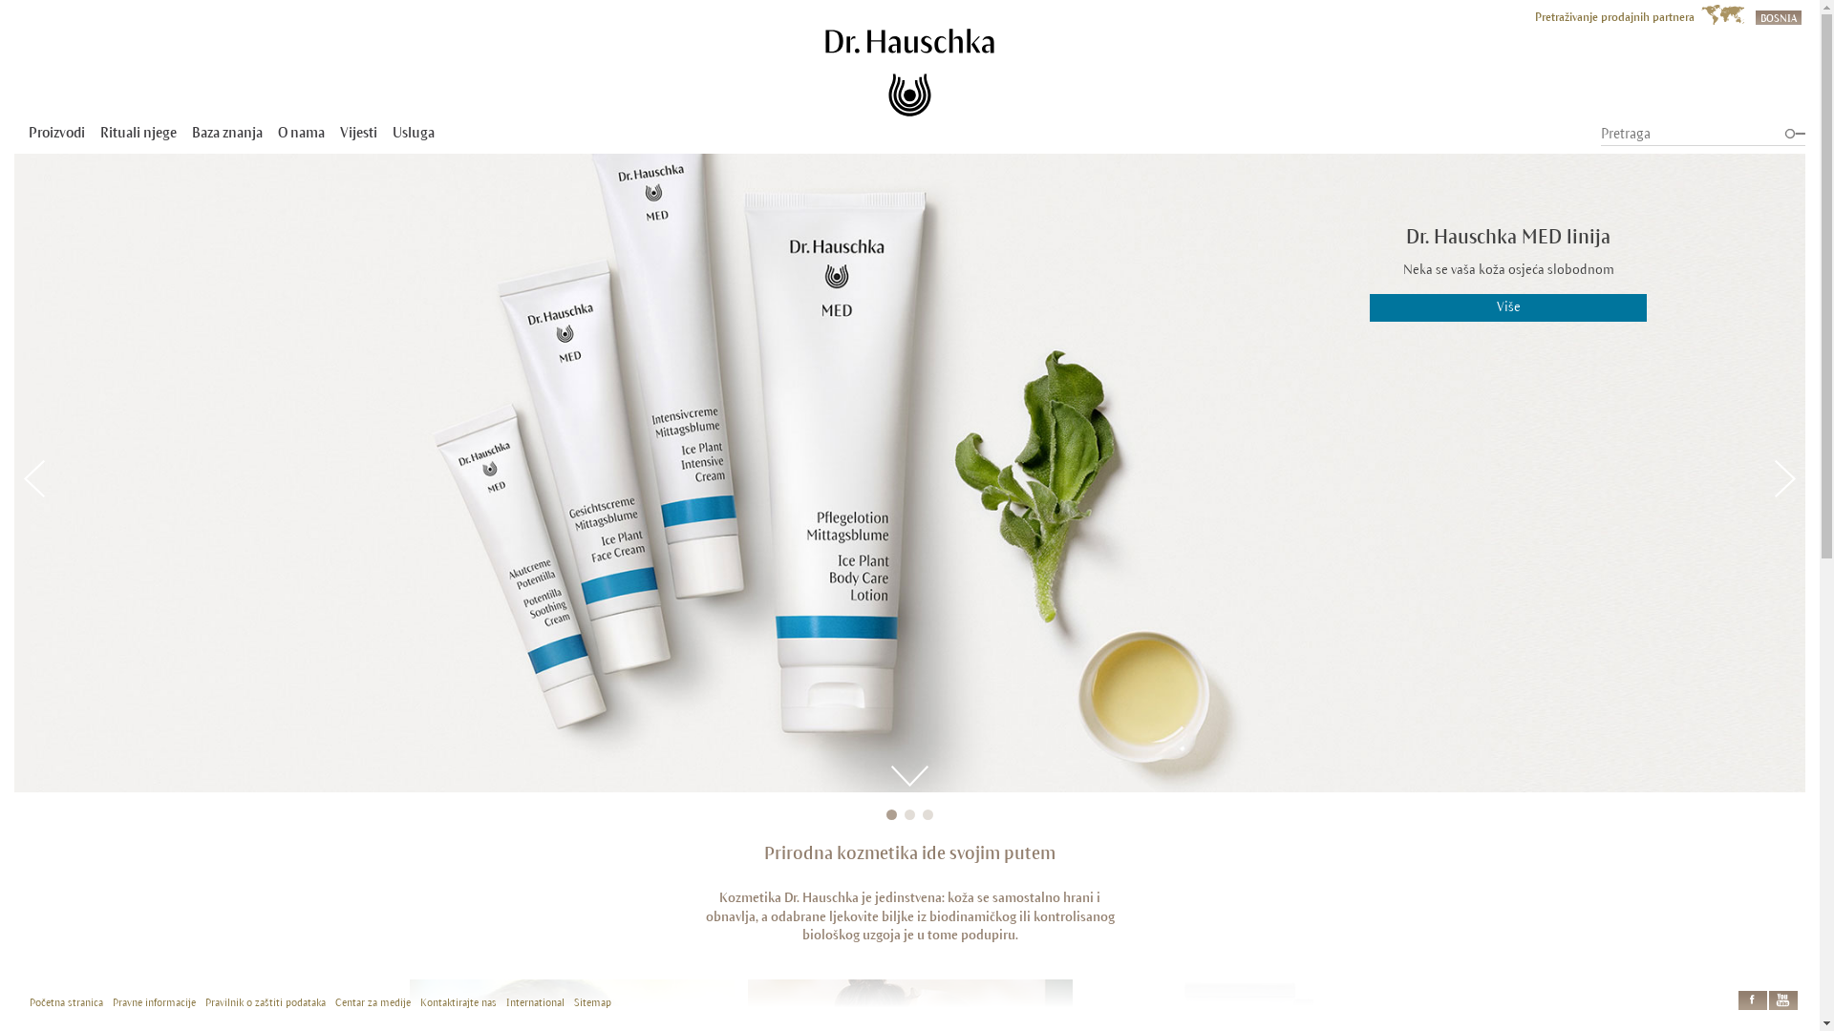 The height and width of the screenshot is (1031, 1834). What do you see at coordinates (1783, 477) in the screenshot?
I see `'Next'` at bounding box center [1783, 477].